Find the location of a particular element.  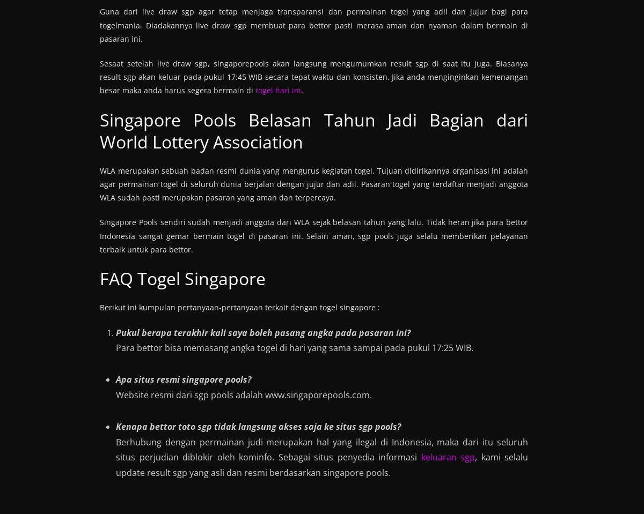

'Singapore Pools sendiri sudah menjadi anggota dari WLA sejak belasan tahun yang lalu. Tidak heran jika para bettor Indonesia sangat gemar bermain togel di pasaran ini. Selain aman, sgp pools juga selalu memberikan pelayanan terbaik untuk para bettor.' is located at coordinates (313, 235).